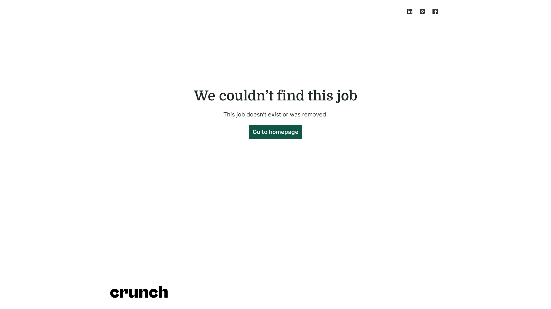 The image size is (551, 309). What do you see at coordinates (275, 132) in the screenshot?
I see `'Go to homepage'` at bounding box center [275, 132].